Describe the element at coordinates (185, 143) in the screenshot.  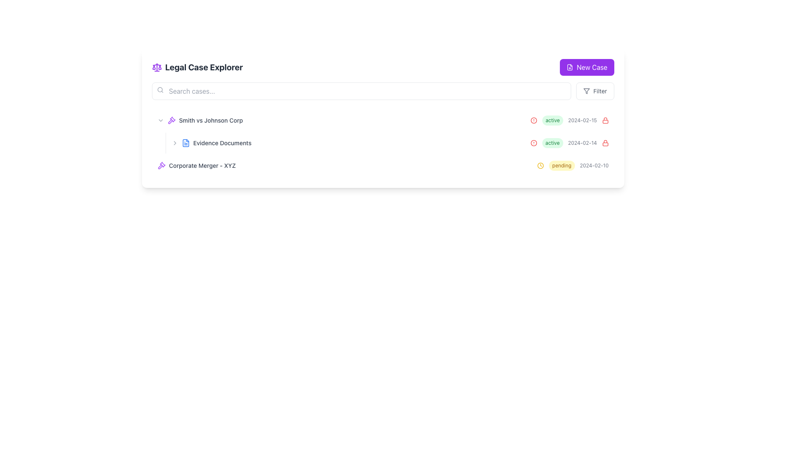
I see `the SVG icon representing a document associated with the 'Evidence Documents' entry in the list titled 'Smith vs Johnson Corp'` at that location.